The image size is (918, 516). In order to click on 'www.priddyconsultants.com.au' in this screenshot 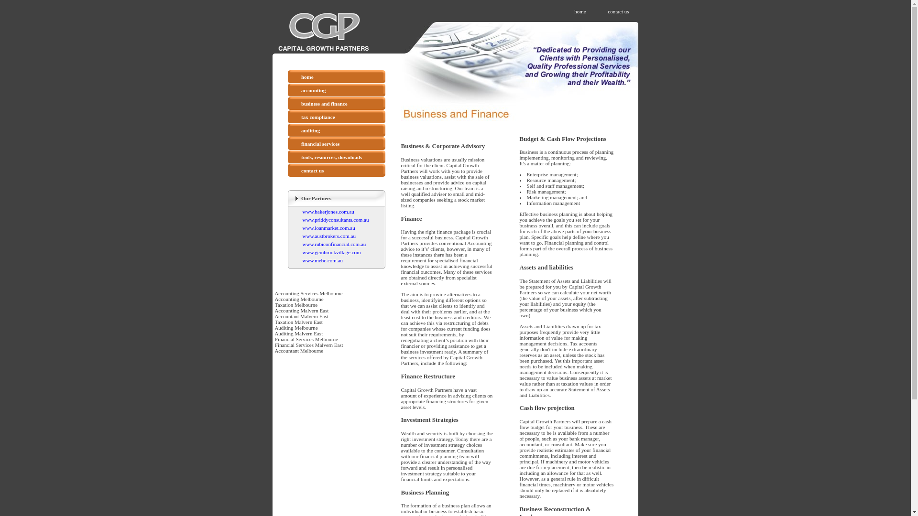, I will do `click(302, 219)`.